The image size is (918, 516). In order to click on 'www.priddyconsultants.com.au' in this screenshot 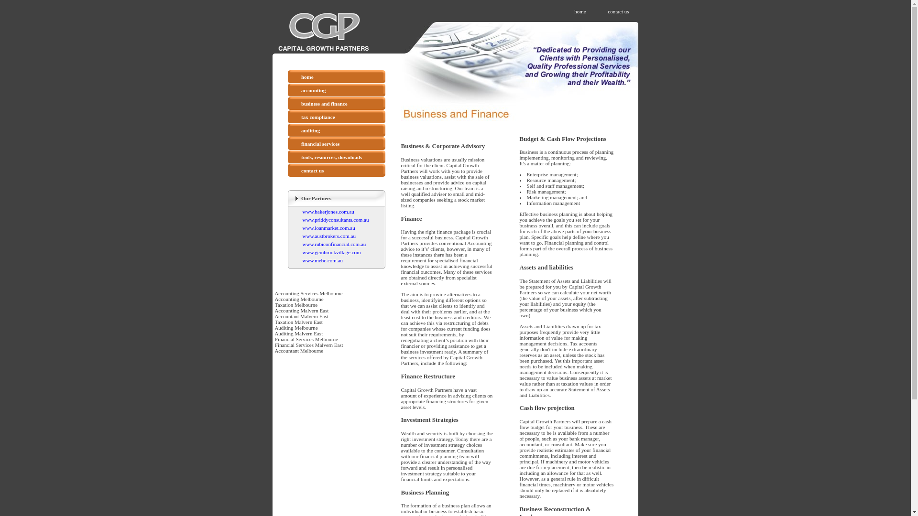, I will do `click(302, 219)`.